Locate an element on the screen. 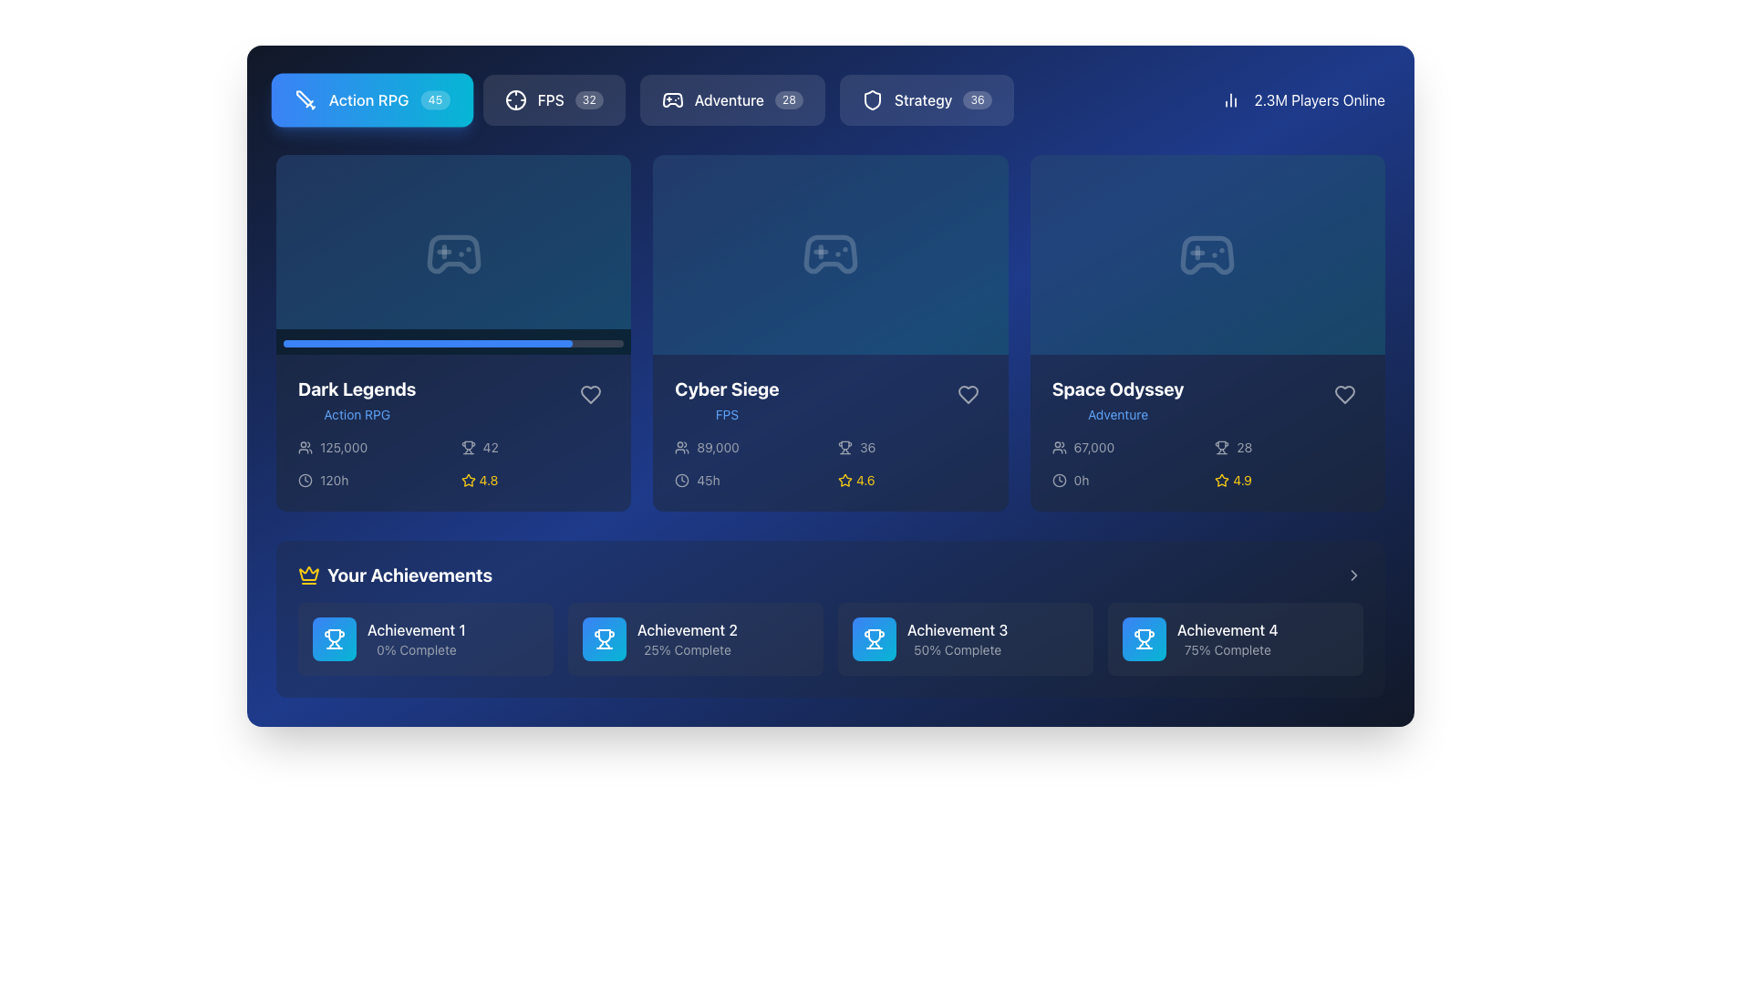 The height and width of the screenshot is (985, 1751). the rating information displayed by the yellow star icon and the numeric value '4.8', located at the bottom section of the first card from the left is located at coordinates (534, 479).